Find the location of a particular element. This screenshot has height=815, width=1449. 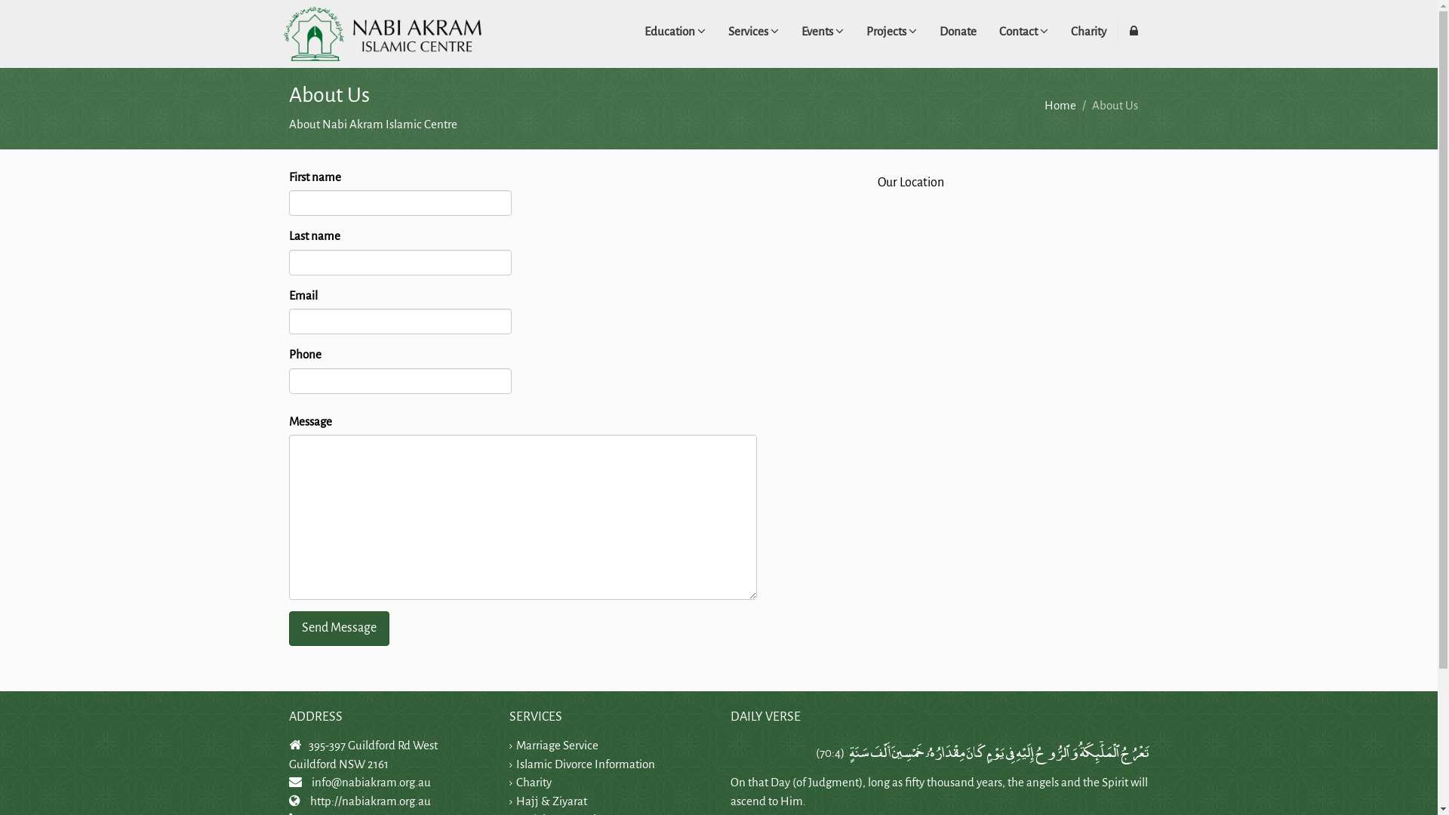

'Home' is located at coordinates (1060, 104).